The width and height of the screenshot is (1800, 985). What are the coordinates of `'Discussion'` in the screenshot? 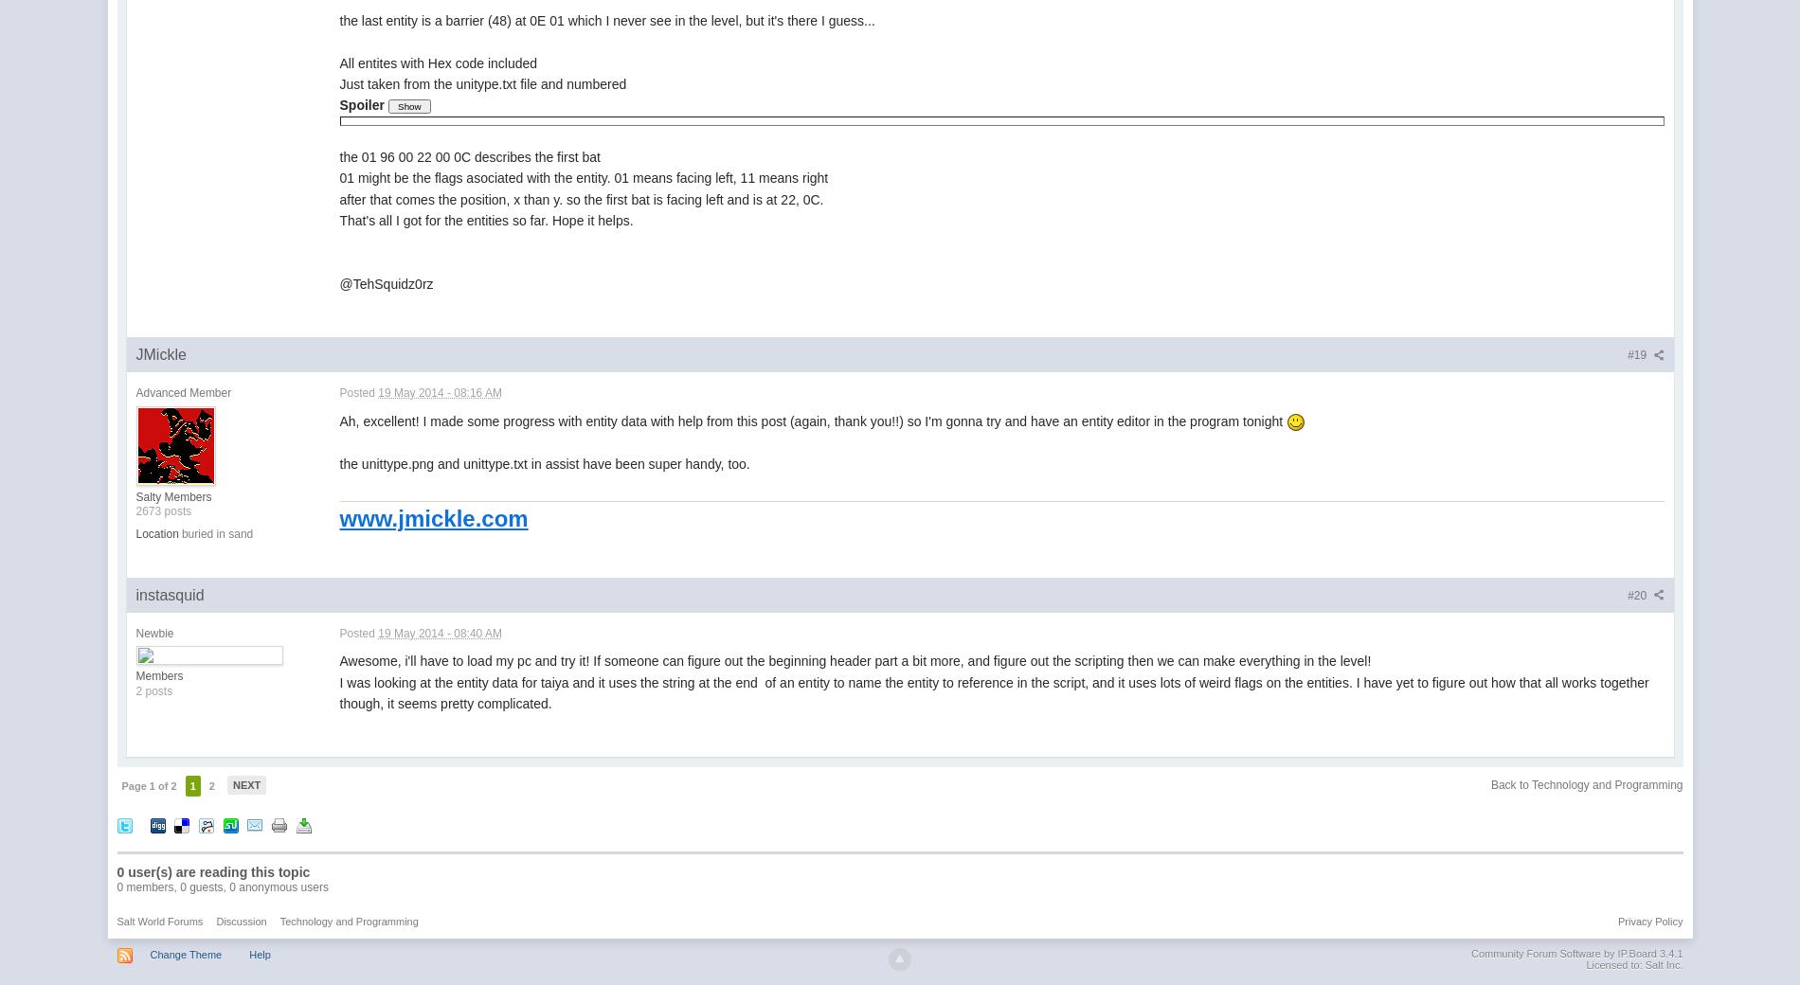 It's located at (240, 920).